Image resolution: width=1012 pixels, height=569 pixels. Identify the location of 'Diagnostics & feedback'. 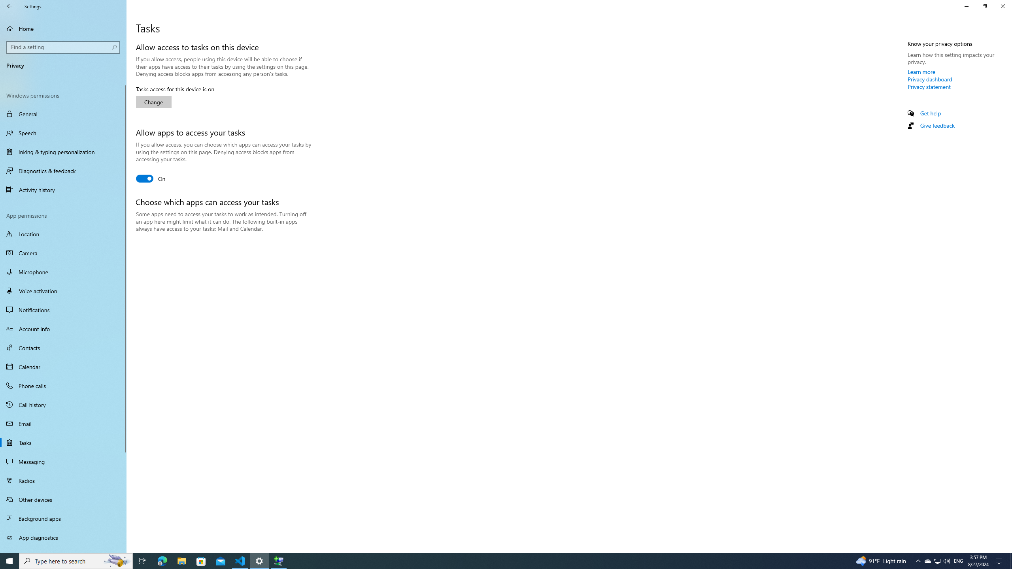
(63, 171).